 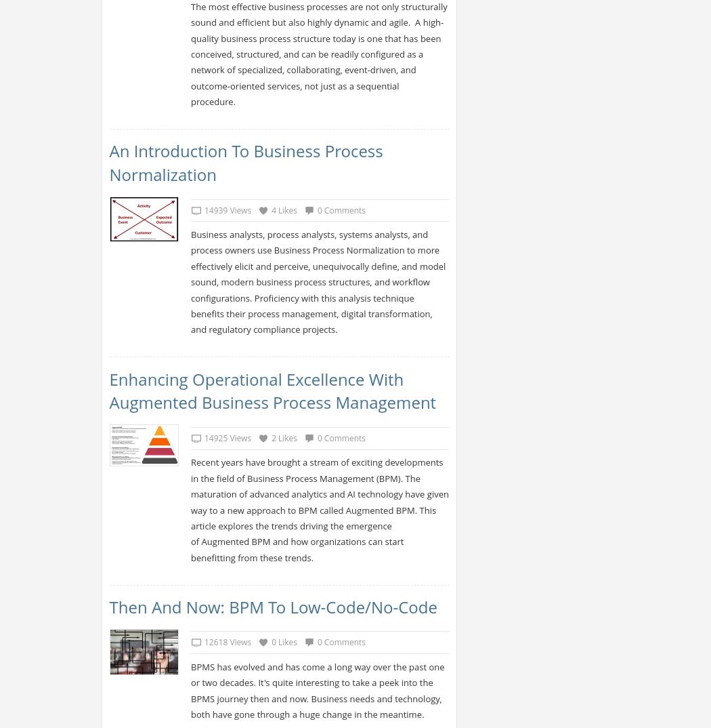 I want to click on '0 Likes', so click(x=283, y=642).